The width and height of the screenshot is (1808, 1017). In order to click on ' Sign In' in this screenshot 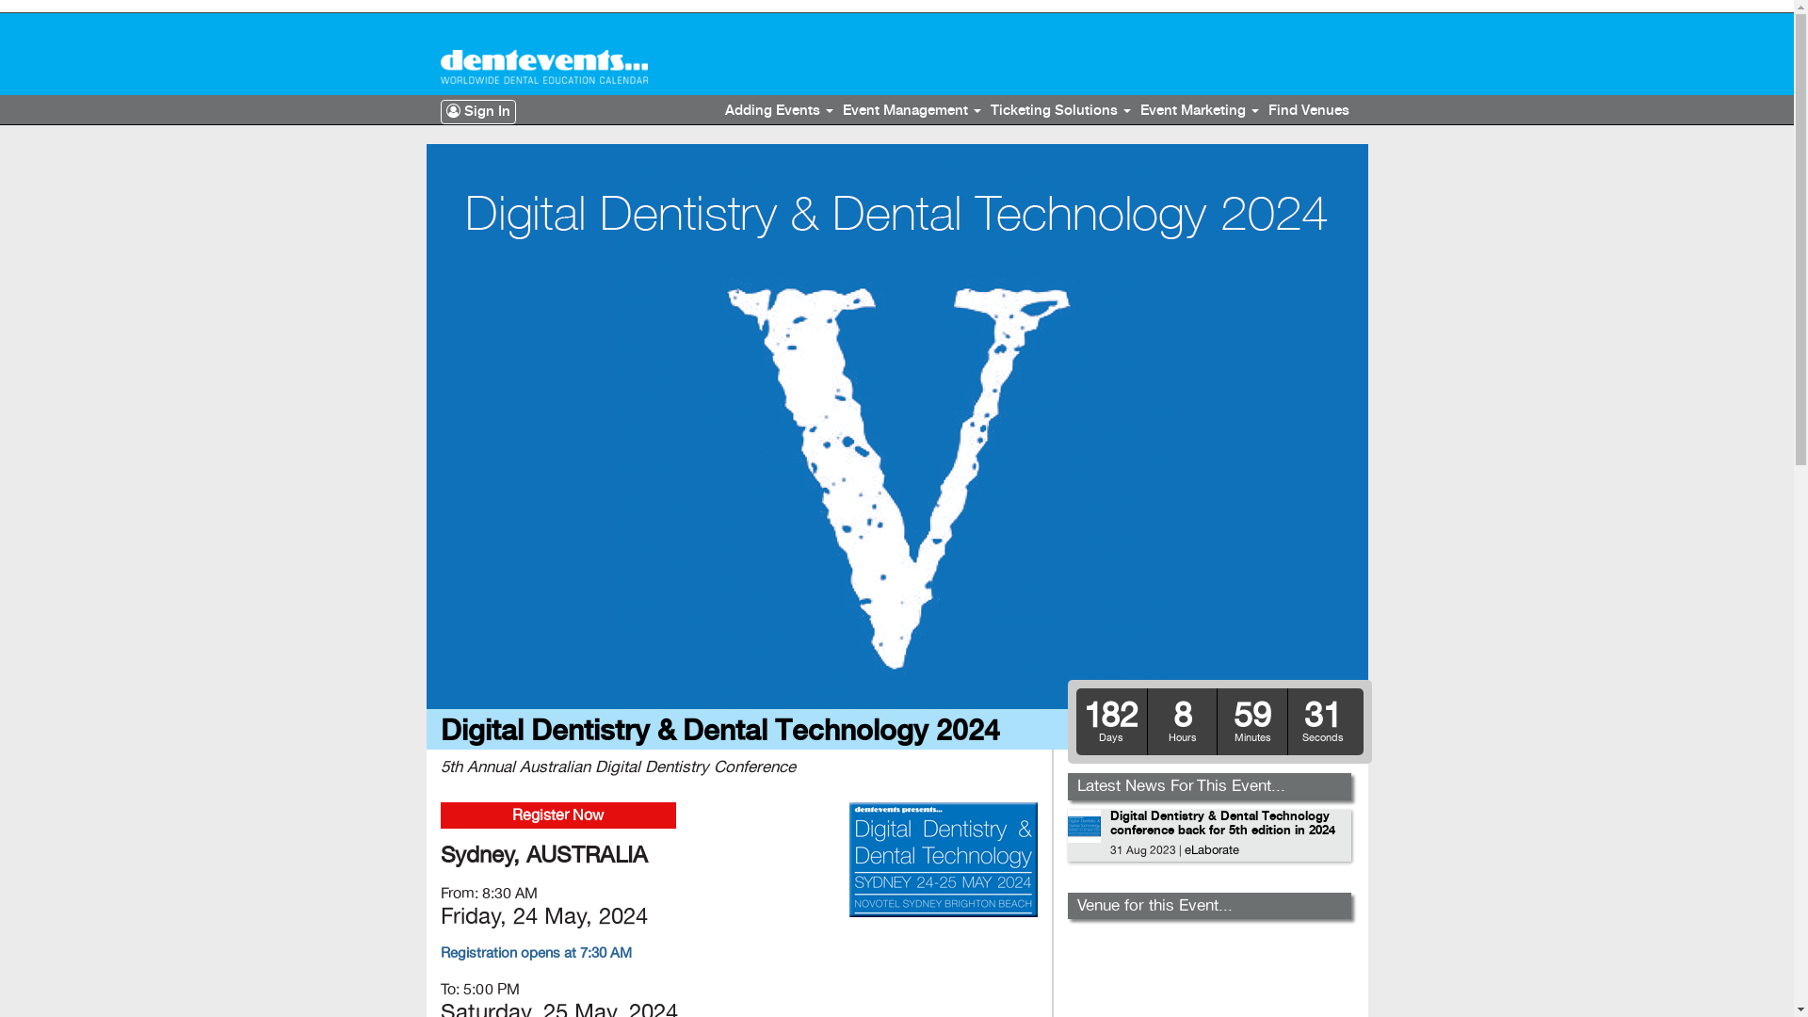, I will do `click(439, 112)`.